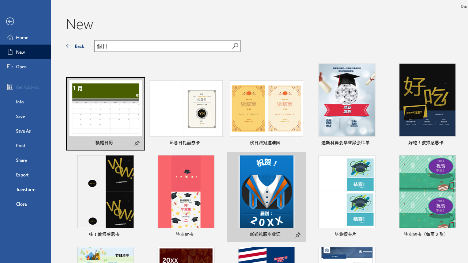 This screenshot has height=263, width=468. I want to click on 'Back', so click(75, 46).